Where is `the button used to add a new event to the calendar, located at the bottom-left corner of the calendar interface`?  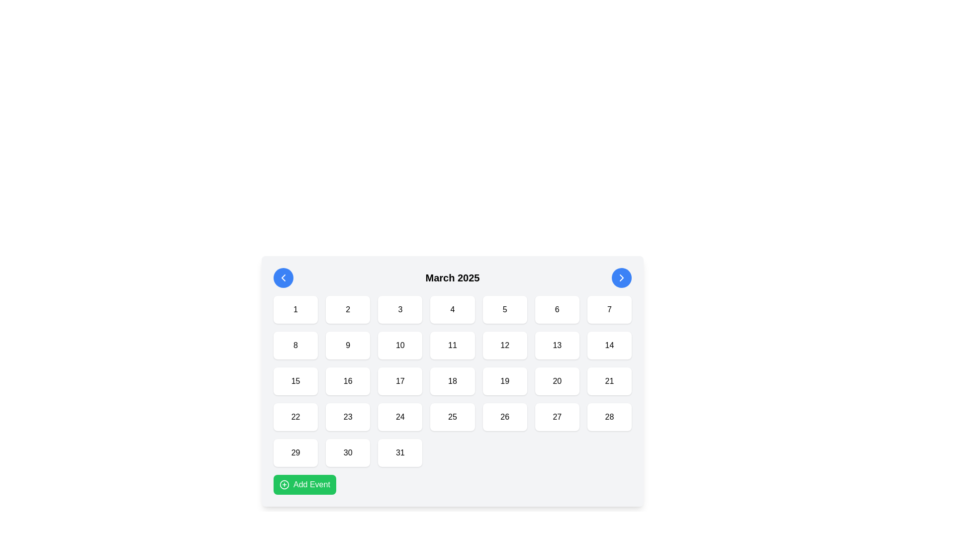 the button used to add a new event to the calendar, located at the bottom-left corner of the calendar interface is located at coordinates (304, 484).